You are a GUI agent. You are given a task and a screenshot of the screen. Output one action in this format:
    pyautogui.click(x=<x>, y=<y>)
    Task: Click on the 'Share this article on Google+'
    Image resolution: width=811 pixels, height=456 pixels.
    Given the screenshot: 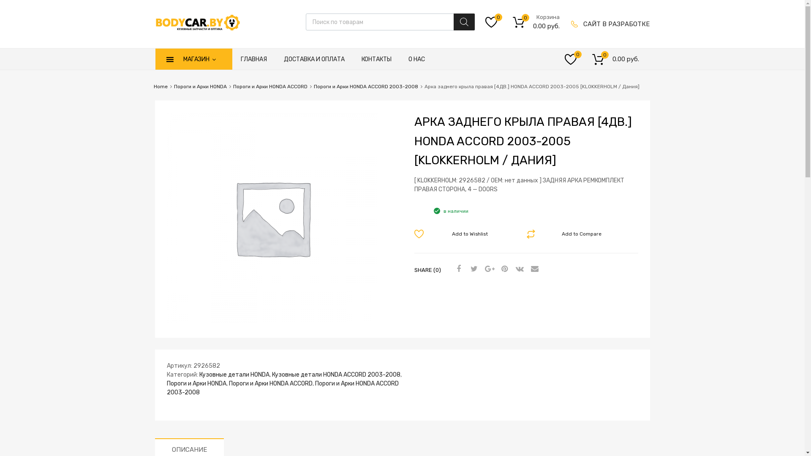 What is the action you would take?
    pyautogui.click(x=488, y=269)
    